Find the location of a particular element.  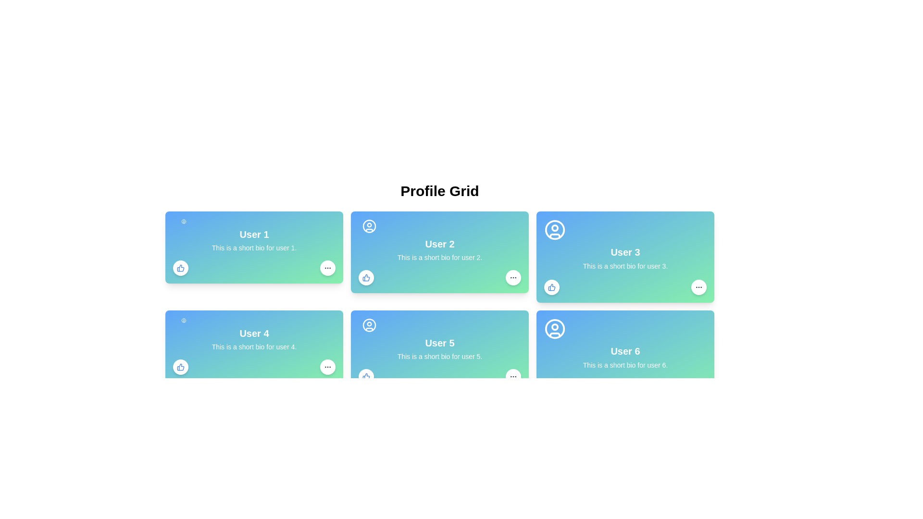

the user avatar icon for 'User 1' located is located at coordinates (184, 222).